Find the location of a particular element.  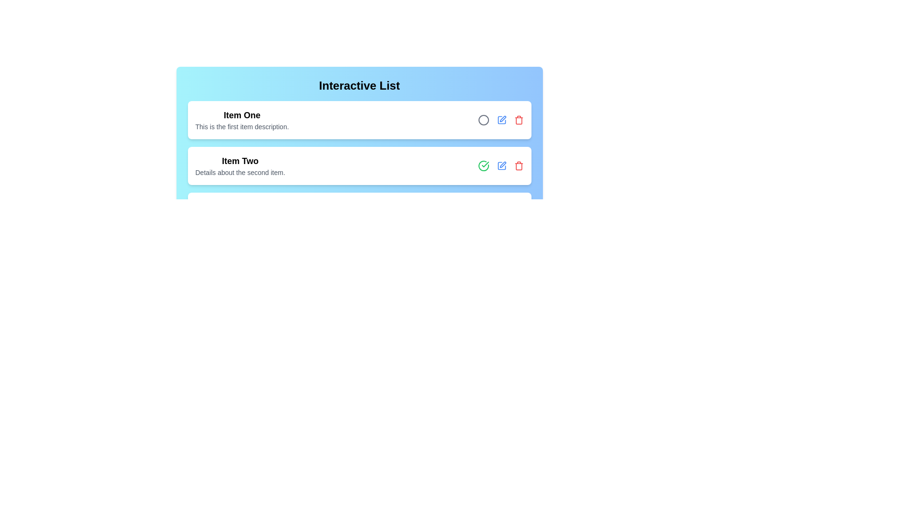

edit icon for the item Item One to edit its details is located at coordinates (501, 119).